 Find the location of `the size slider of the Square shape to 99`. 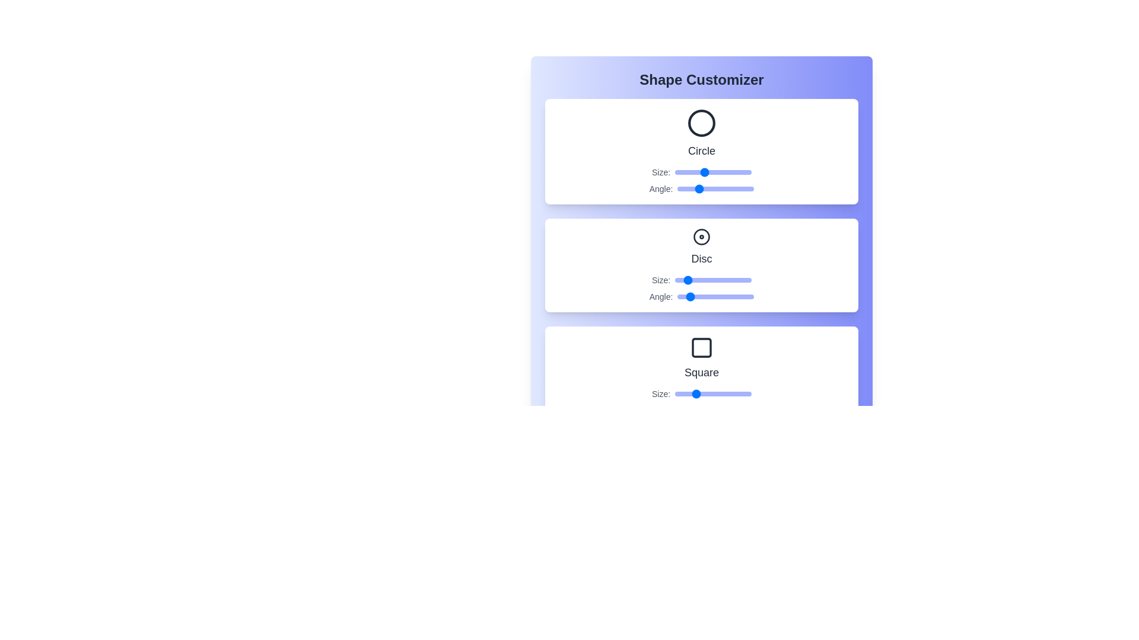

the size slider of the Square shape to 99 is located at coordinates (750, 393).